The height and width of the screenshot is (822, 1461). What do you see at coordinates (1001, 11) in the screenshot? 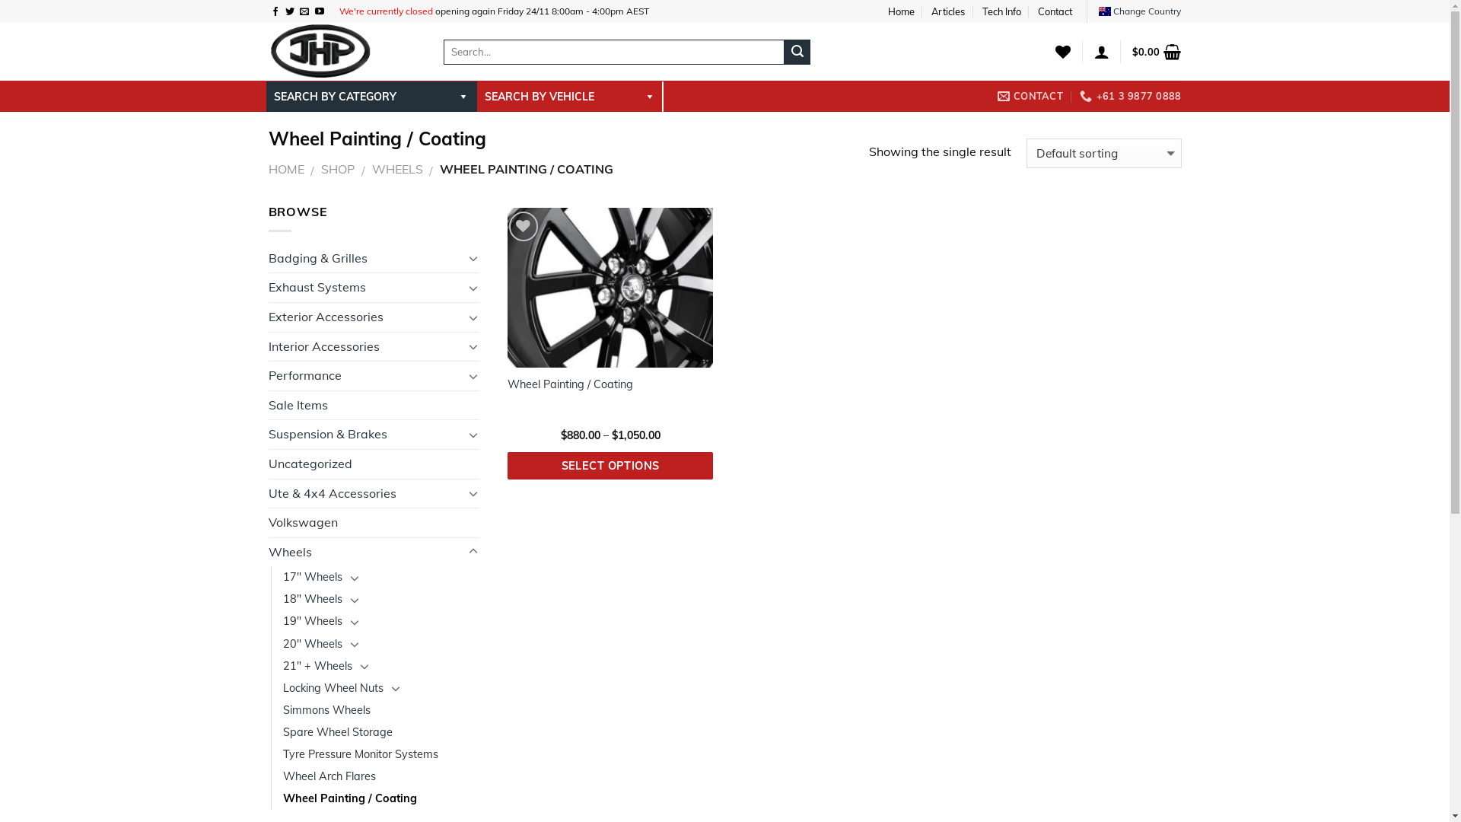
I see `'Tech Info'` at bounding box center [1001, 11].